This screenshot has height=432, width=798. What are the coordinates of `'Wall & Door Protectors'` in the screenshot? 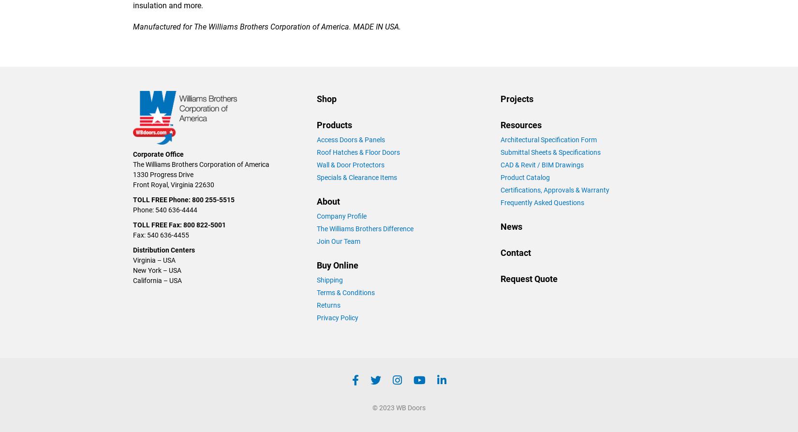 It's located at (350, 164).